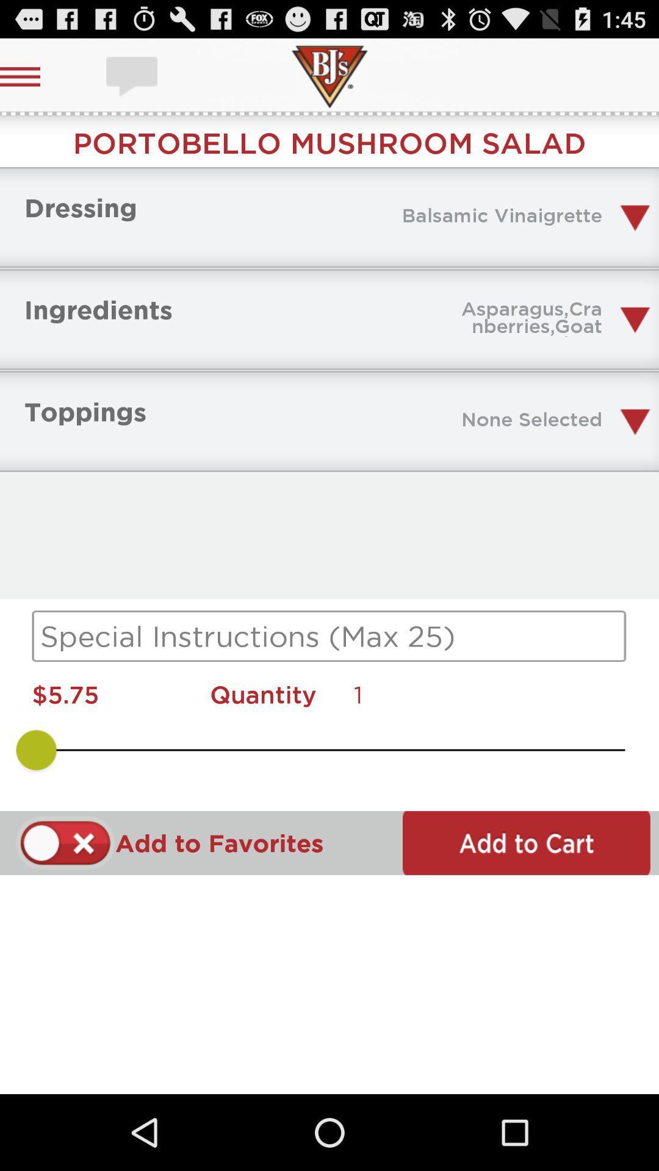 This screenshot has width=659, height=1171. I want to click on add to cart button after add to favorites on the page, so click(34, 76).